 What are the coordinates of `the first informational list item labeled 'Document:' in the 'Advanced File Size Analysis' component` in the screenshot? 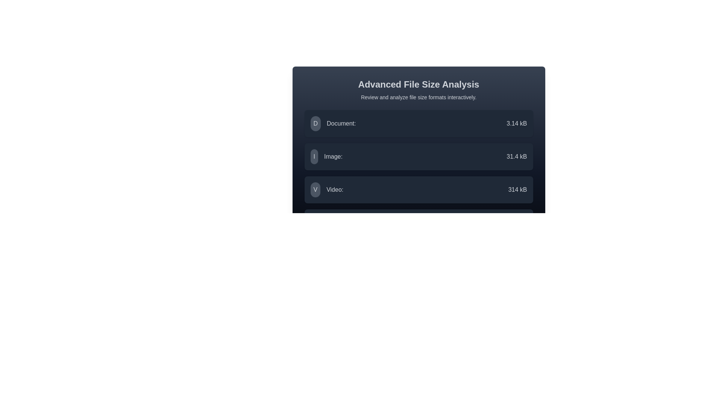 It's located at (418, 123).